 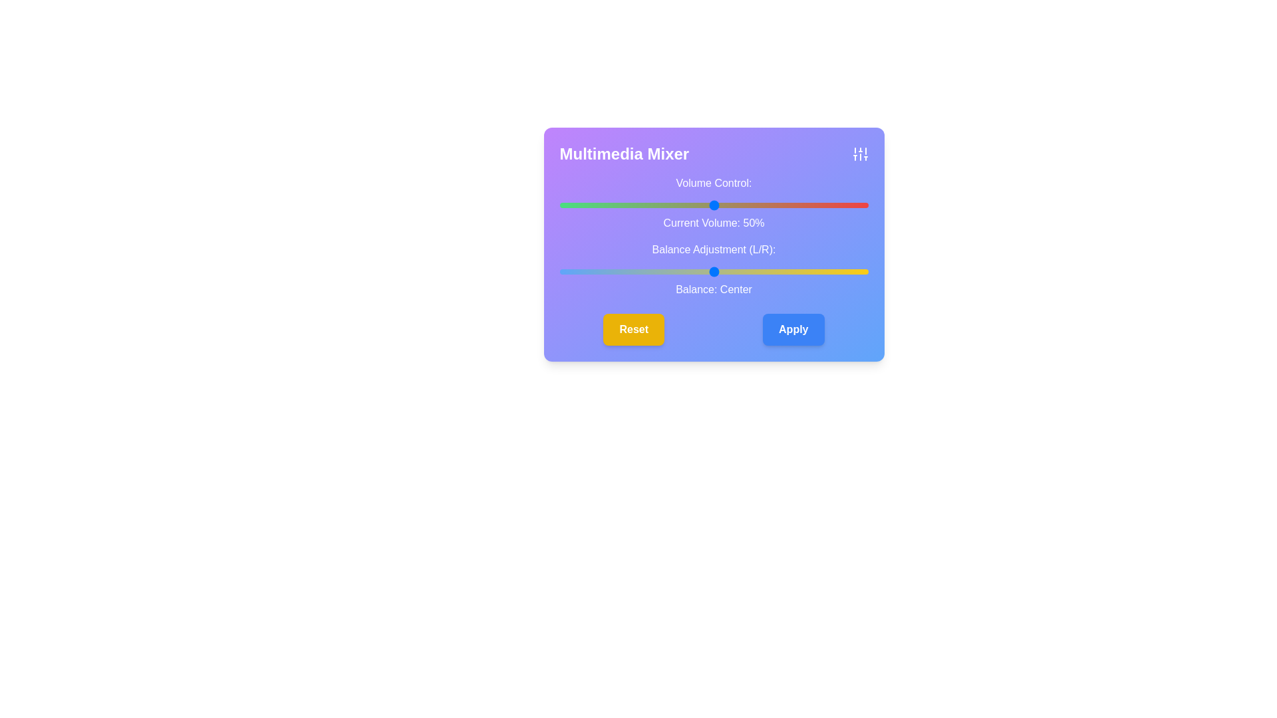 What do you see at coordinates (754, 271) in the screenshot?
I see `the balance slider to set the audio balance to 13` at bounding box center [754, 271].